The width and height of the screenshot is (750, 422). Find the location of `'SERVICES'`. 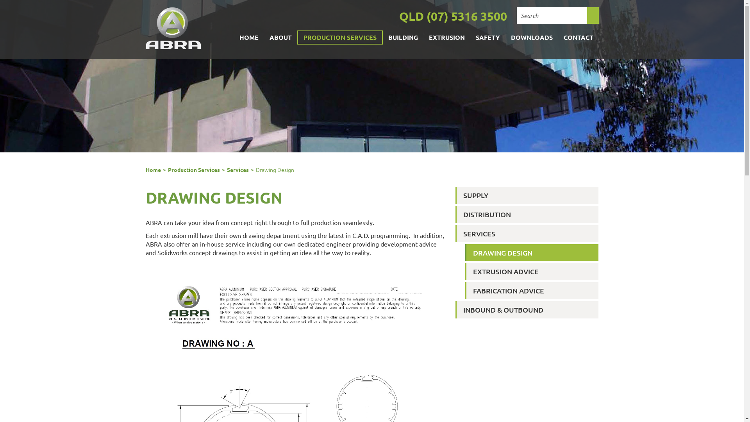

'SERVICES' is located at coordinates (527, 233).